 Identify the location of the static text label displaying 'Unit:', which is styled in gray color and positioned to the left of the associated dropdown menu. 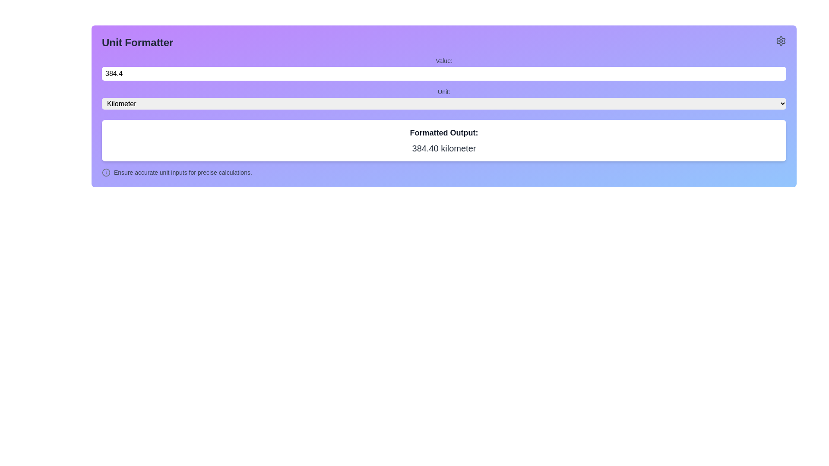
(444, 91).